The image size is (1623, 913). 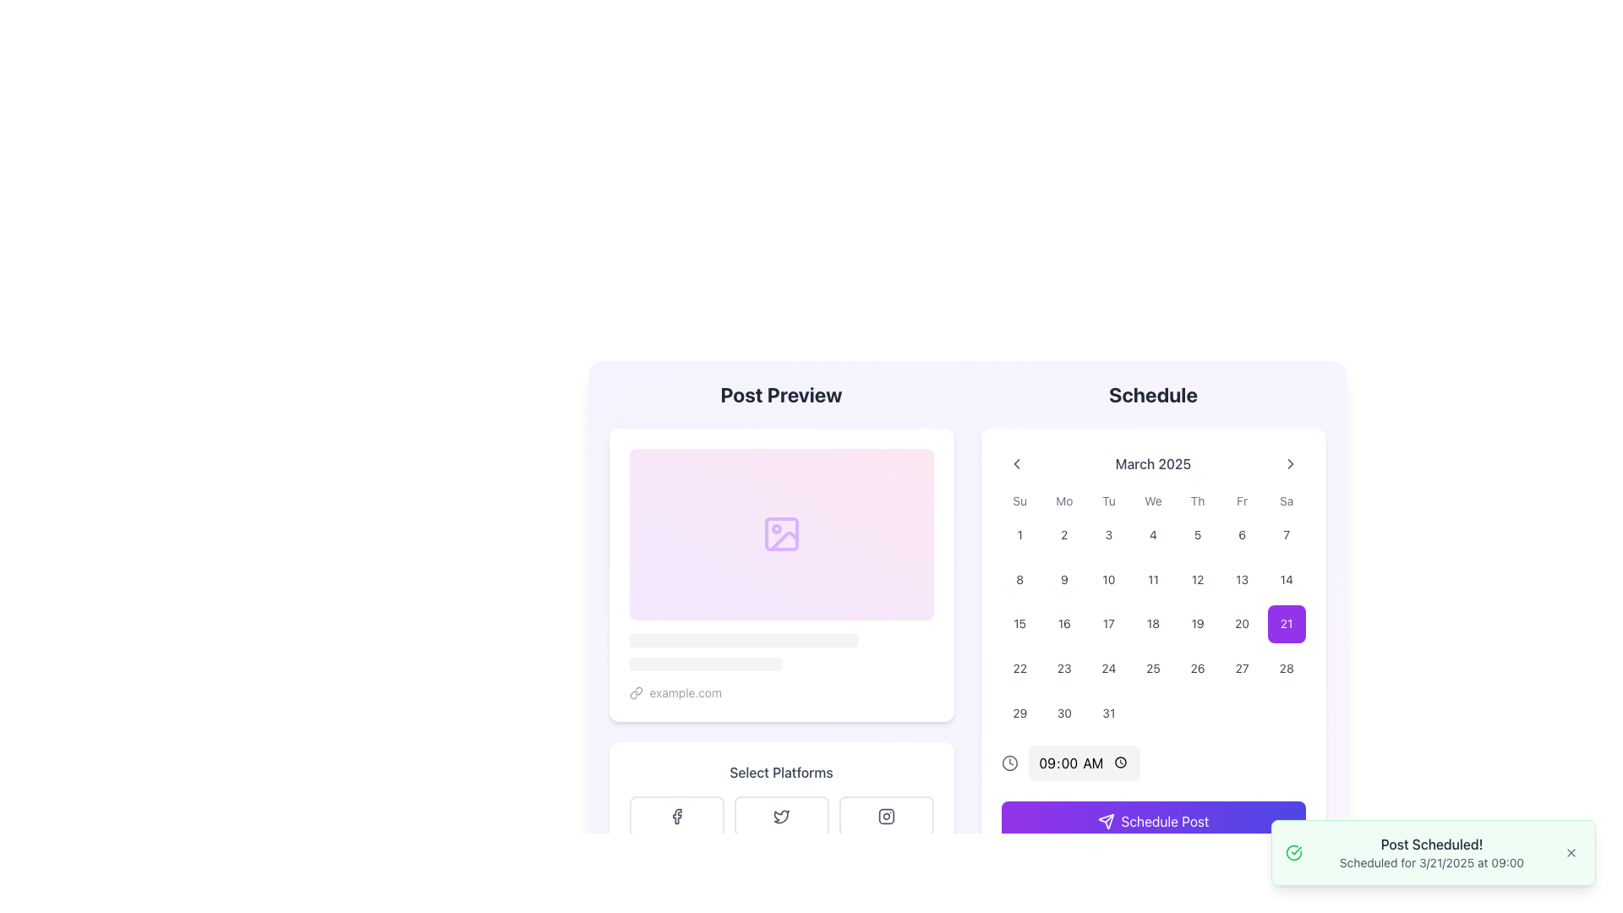 What do you see at coordinates (1286, 578) in the screenshot?
I see `the button representing the 14th day of the month in the calendar, located in the sixth row and far-right column of the grid layout` at bounding box center [1286, 578].